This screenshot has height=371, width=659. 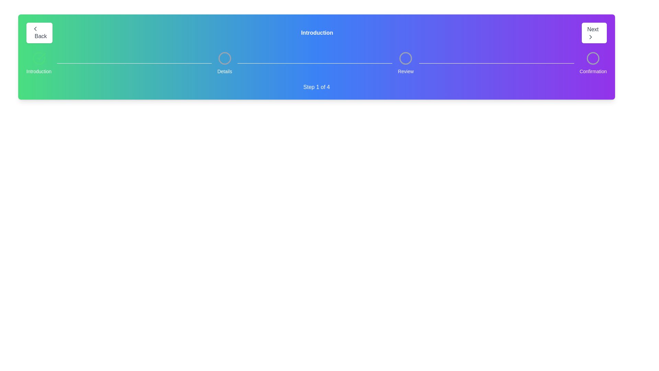 What do you see at coordinates (38, 71) in the screenshot?
I see `the static text label that serves as a descriptive title for the Introduction step in the multi-step process, located below the green check icon in the progress bar interface` at bounding box center [38, 71].